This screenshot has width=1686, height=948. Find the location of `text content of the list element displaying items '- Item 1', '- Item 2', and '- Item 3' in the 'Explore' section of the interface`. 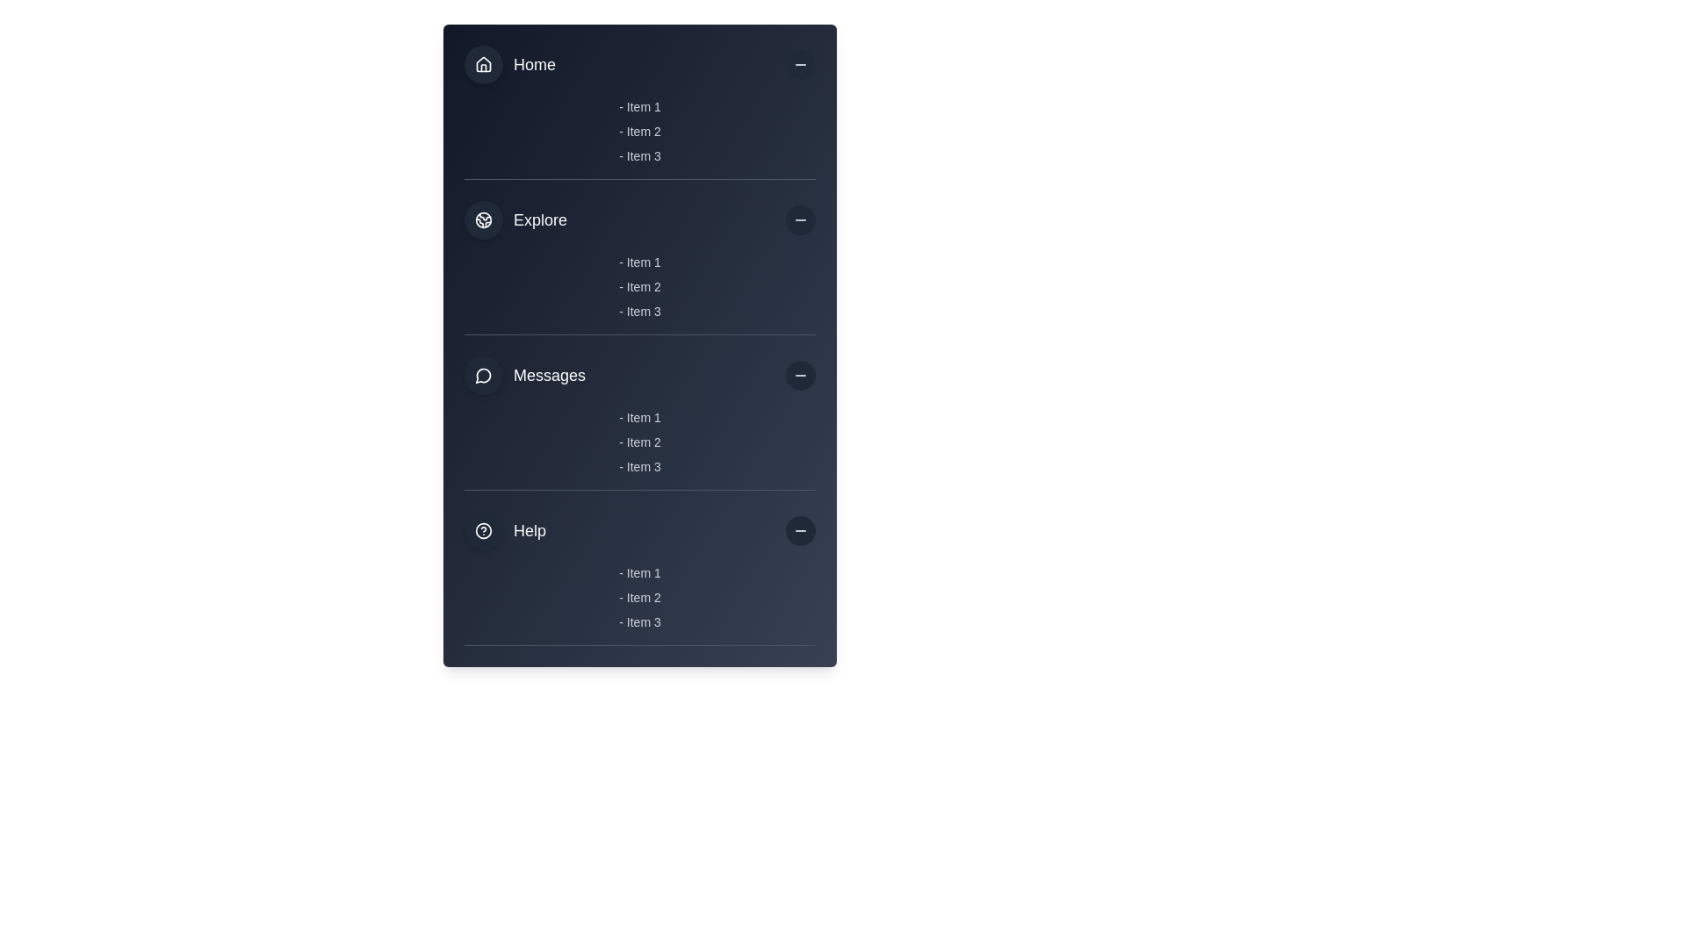

text content of the list element displaying items '- Item 1', '- Item 2', and '- Item 3' in the 'Explore' section of the interface is located at coordinates (639, 286).